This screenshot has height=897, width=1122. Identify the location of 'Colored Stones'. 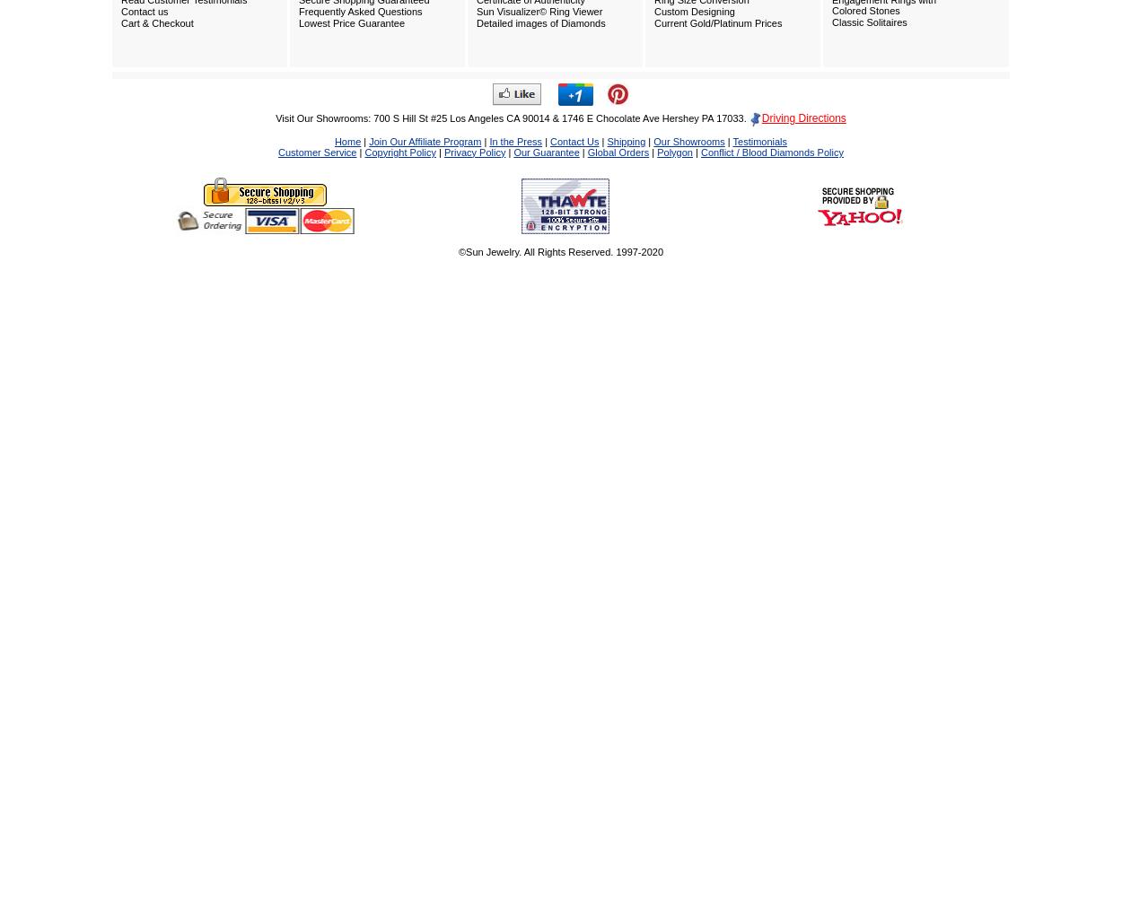
(864, 10).